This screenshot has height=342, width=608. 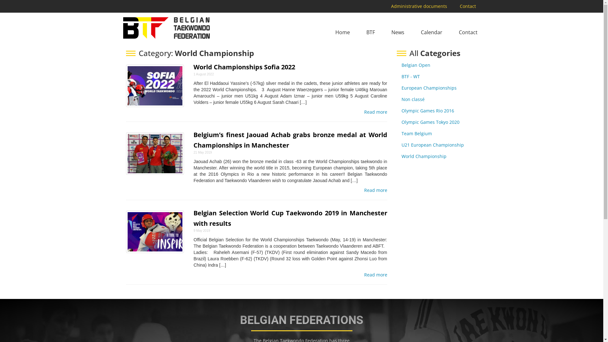 I want to click on 'Read more', so click(x=376, y=112).